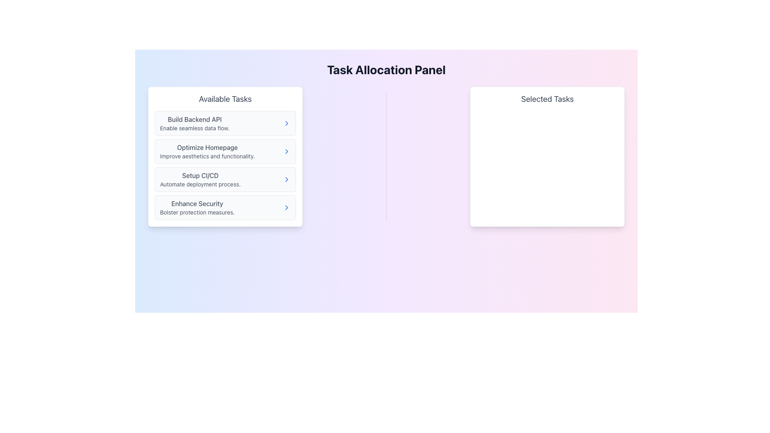 This screenshot has height=433, width=770. What do you see at coordinates (286, 207) in the screenshot?
I see `the right-pointing chevron arrow icon button located next to the label 'Enhance Security' in the 'Available Tasks' section` at bounding box center [286, 207].